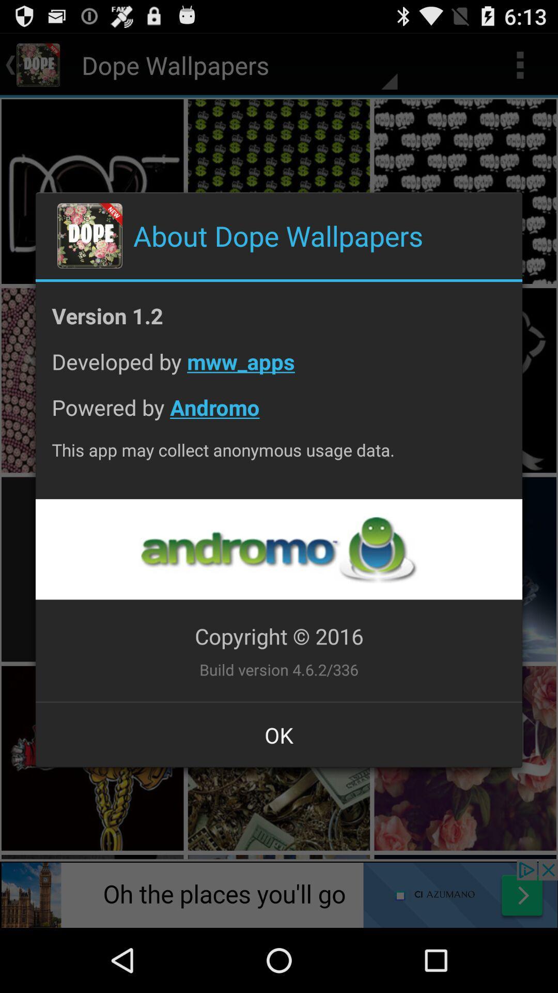 This screenshot has width=558, height=993. Describe the element at coordinates (279, 415) in the screenshot. I see `item above this app may app` at that location.